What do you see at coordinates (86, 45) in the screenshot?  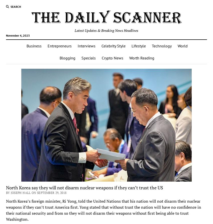 I see `'Interviews'` at bounding box center [86, 45].